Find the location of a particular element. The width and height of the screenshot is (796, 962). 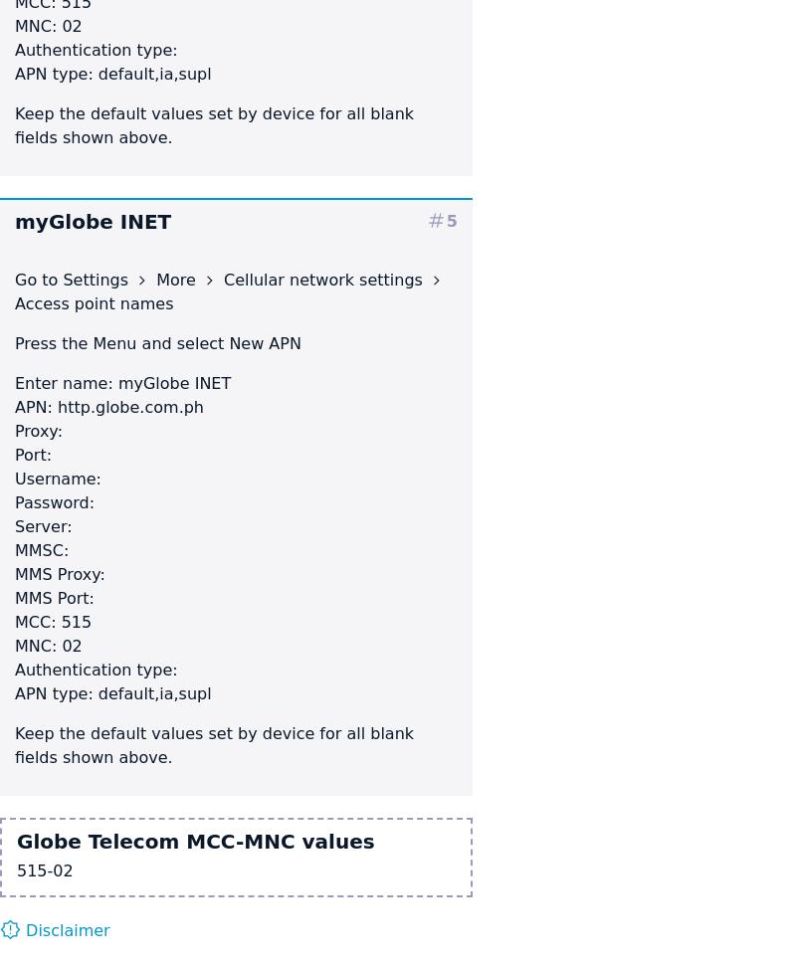

'tag' is located at coordinates (434, 219).